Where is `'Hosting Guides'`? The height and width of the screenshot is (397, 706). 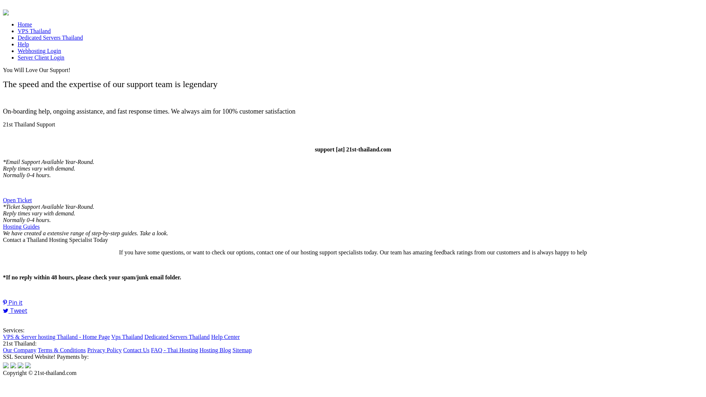 'Hosting Guides' is located at coordinates (21, 226).